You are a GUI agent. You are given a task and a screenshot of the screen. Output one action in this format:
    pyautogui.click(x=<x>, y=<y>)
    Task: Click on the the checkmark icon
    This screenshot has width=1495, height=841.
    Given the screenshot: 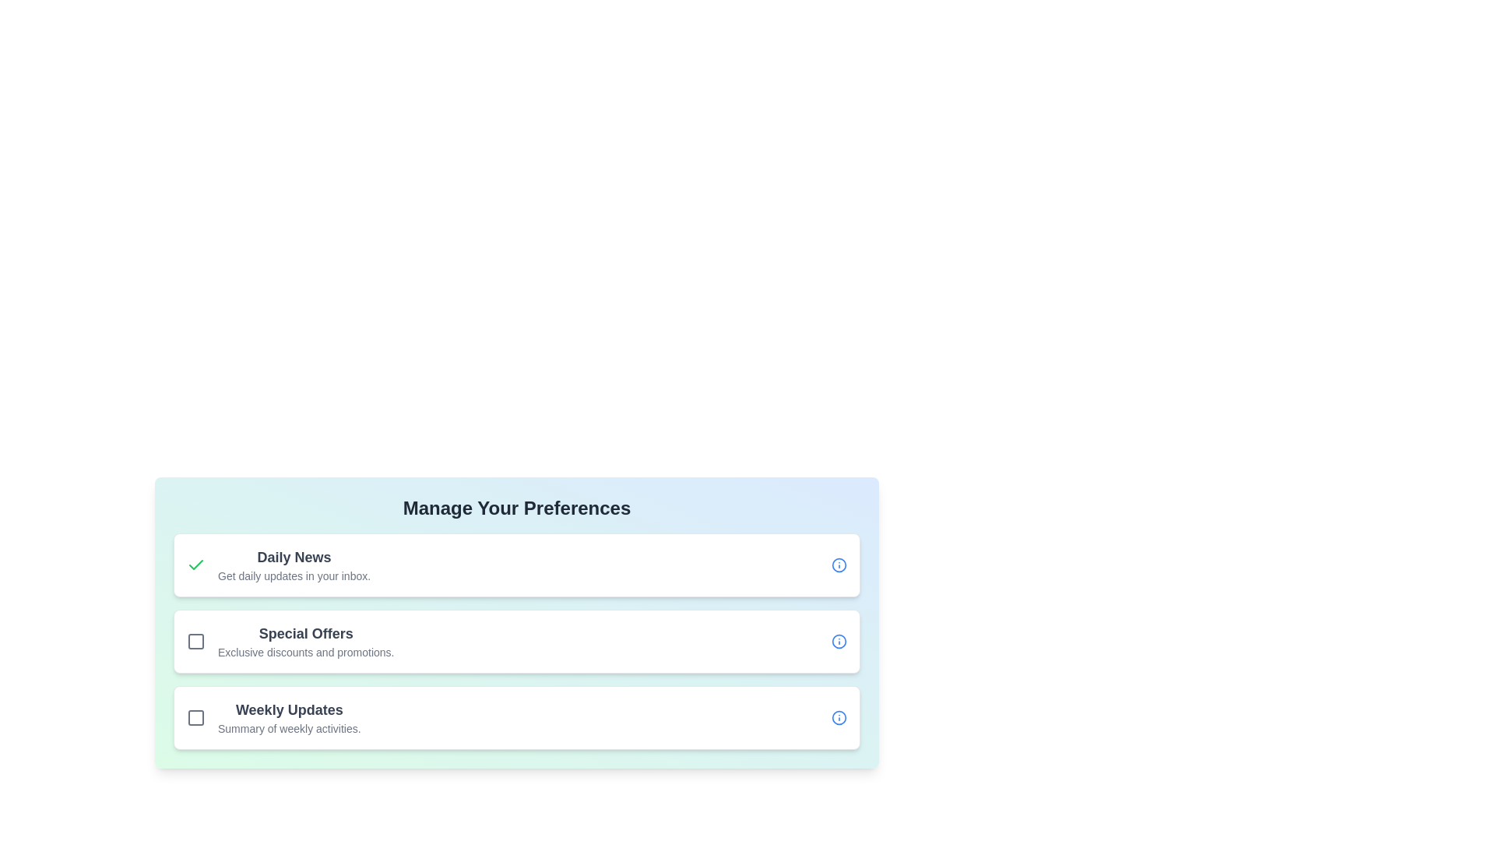 What is the action you would take?
    pyautogui.click(x=195, y=565)
    